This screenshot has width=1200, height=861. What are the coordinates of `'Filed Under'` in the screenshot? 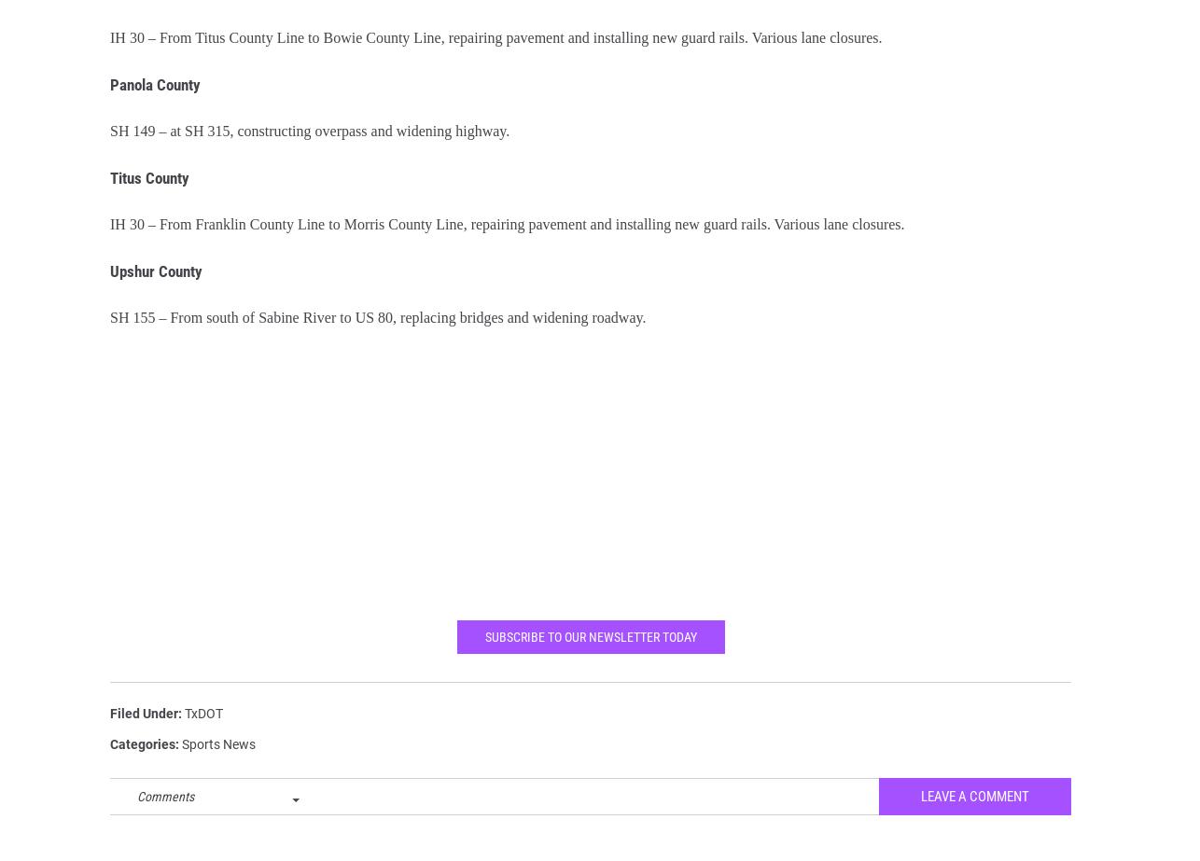 It's located at (110, 726).